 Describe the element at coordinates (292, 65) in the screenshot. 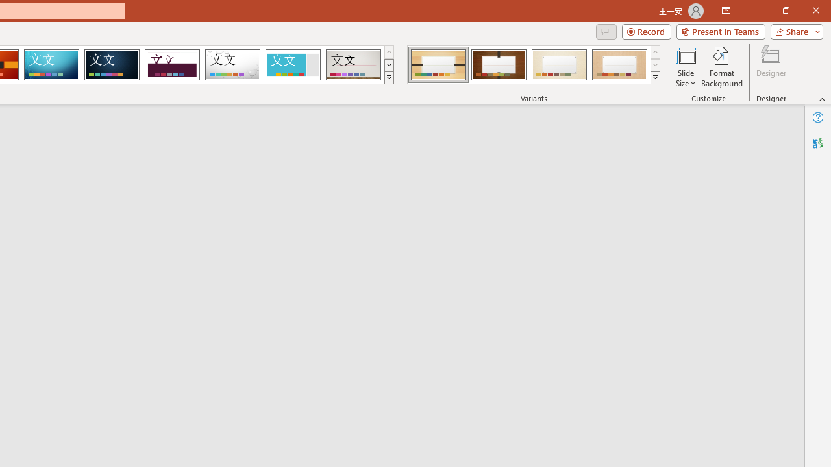

I see `'Frame'` at that location.